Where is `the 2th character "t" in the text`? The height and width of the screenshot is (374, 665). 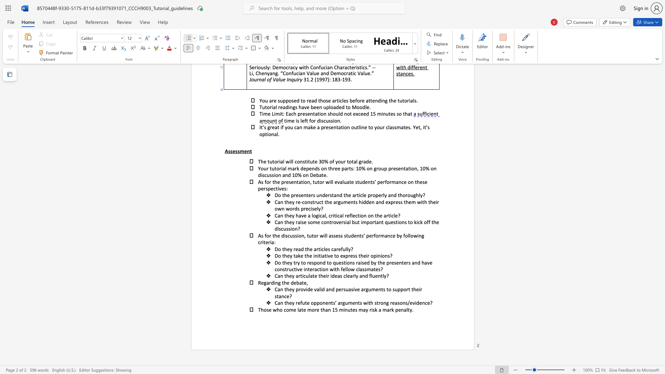 the 2th character "t" in the text is located at coordinates (303, 283).